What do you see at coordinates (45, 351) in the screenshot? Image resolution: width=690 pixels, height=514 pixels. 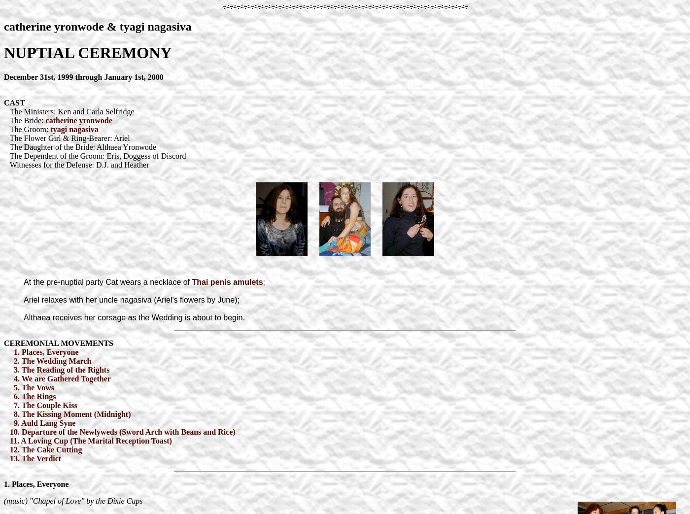 I see `'1. Places, Everyone'` at bounding box center [45, 351].